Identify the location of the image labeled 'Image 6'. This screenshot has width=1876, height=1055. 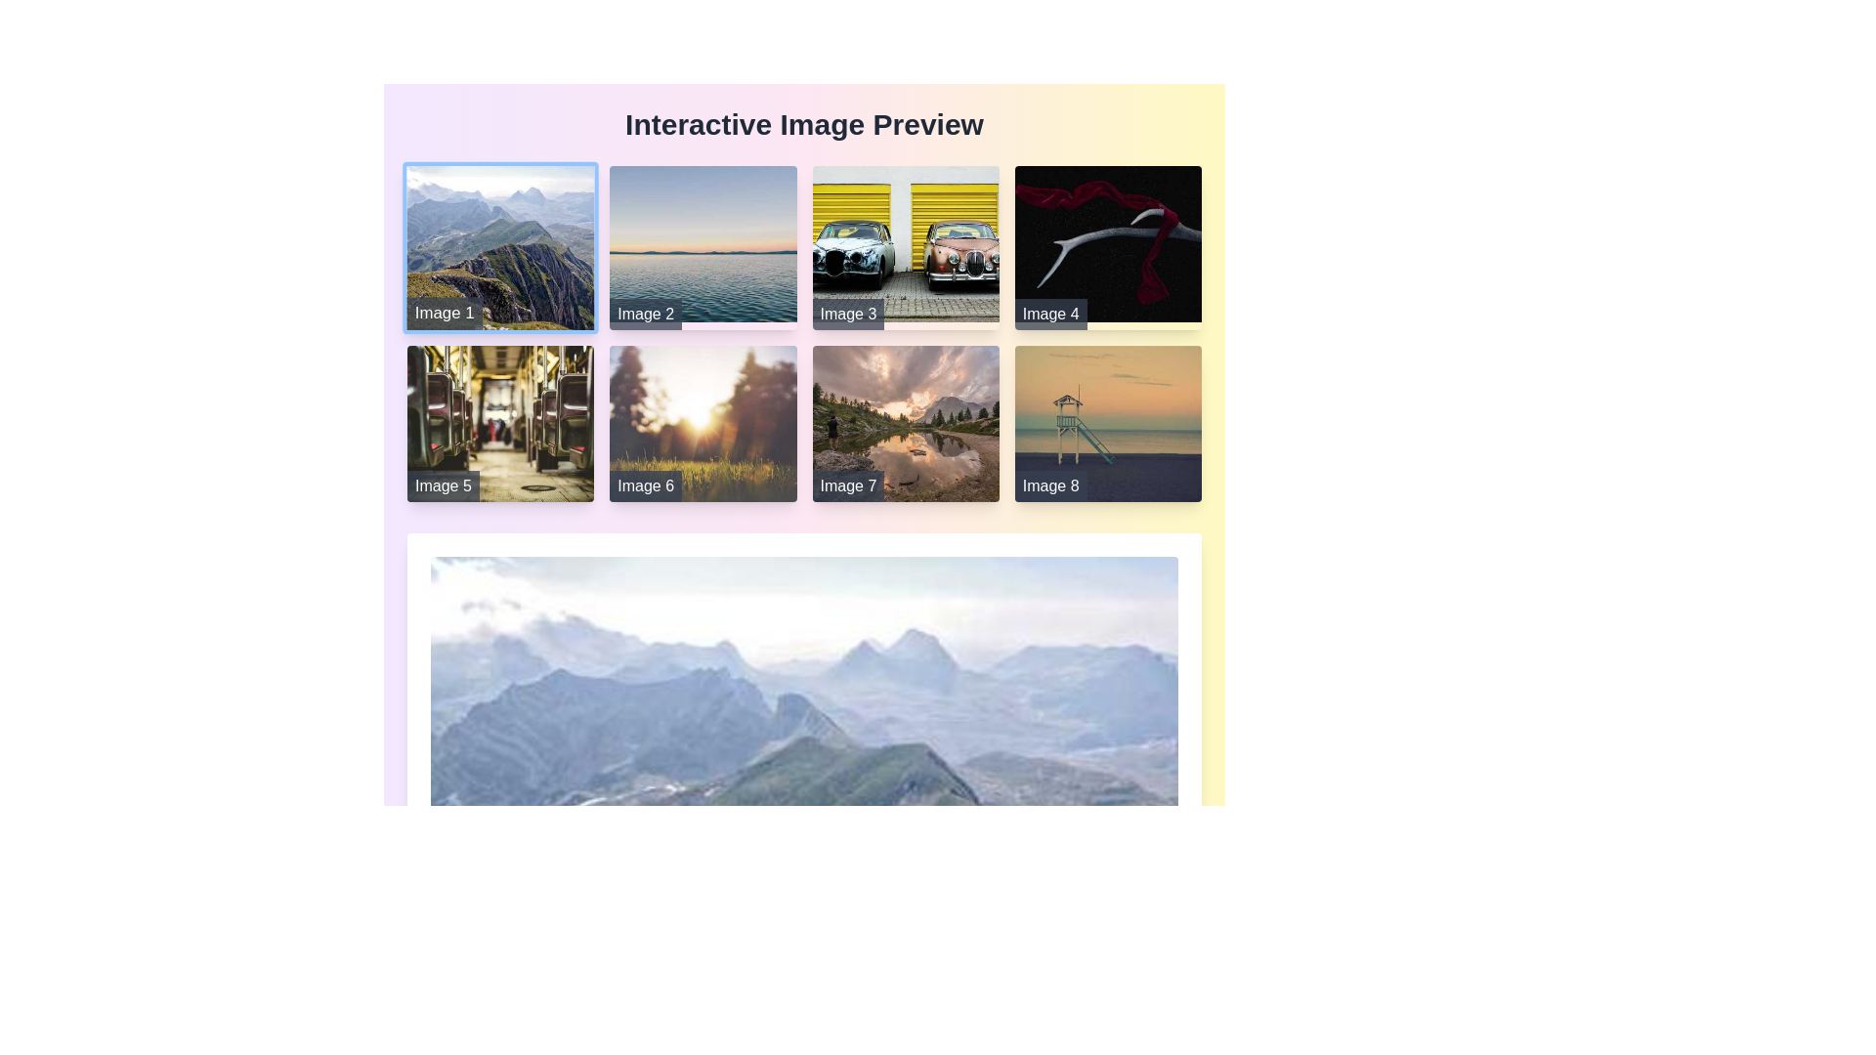
(703, 423).